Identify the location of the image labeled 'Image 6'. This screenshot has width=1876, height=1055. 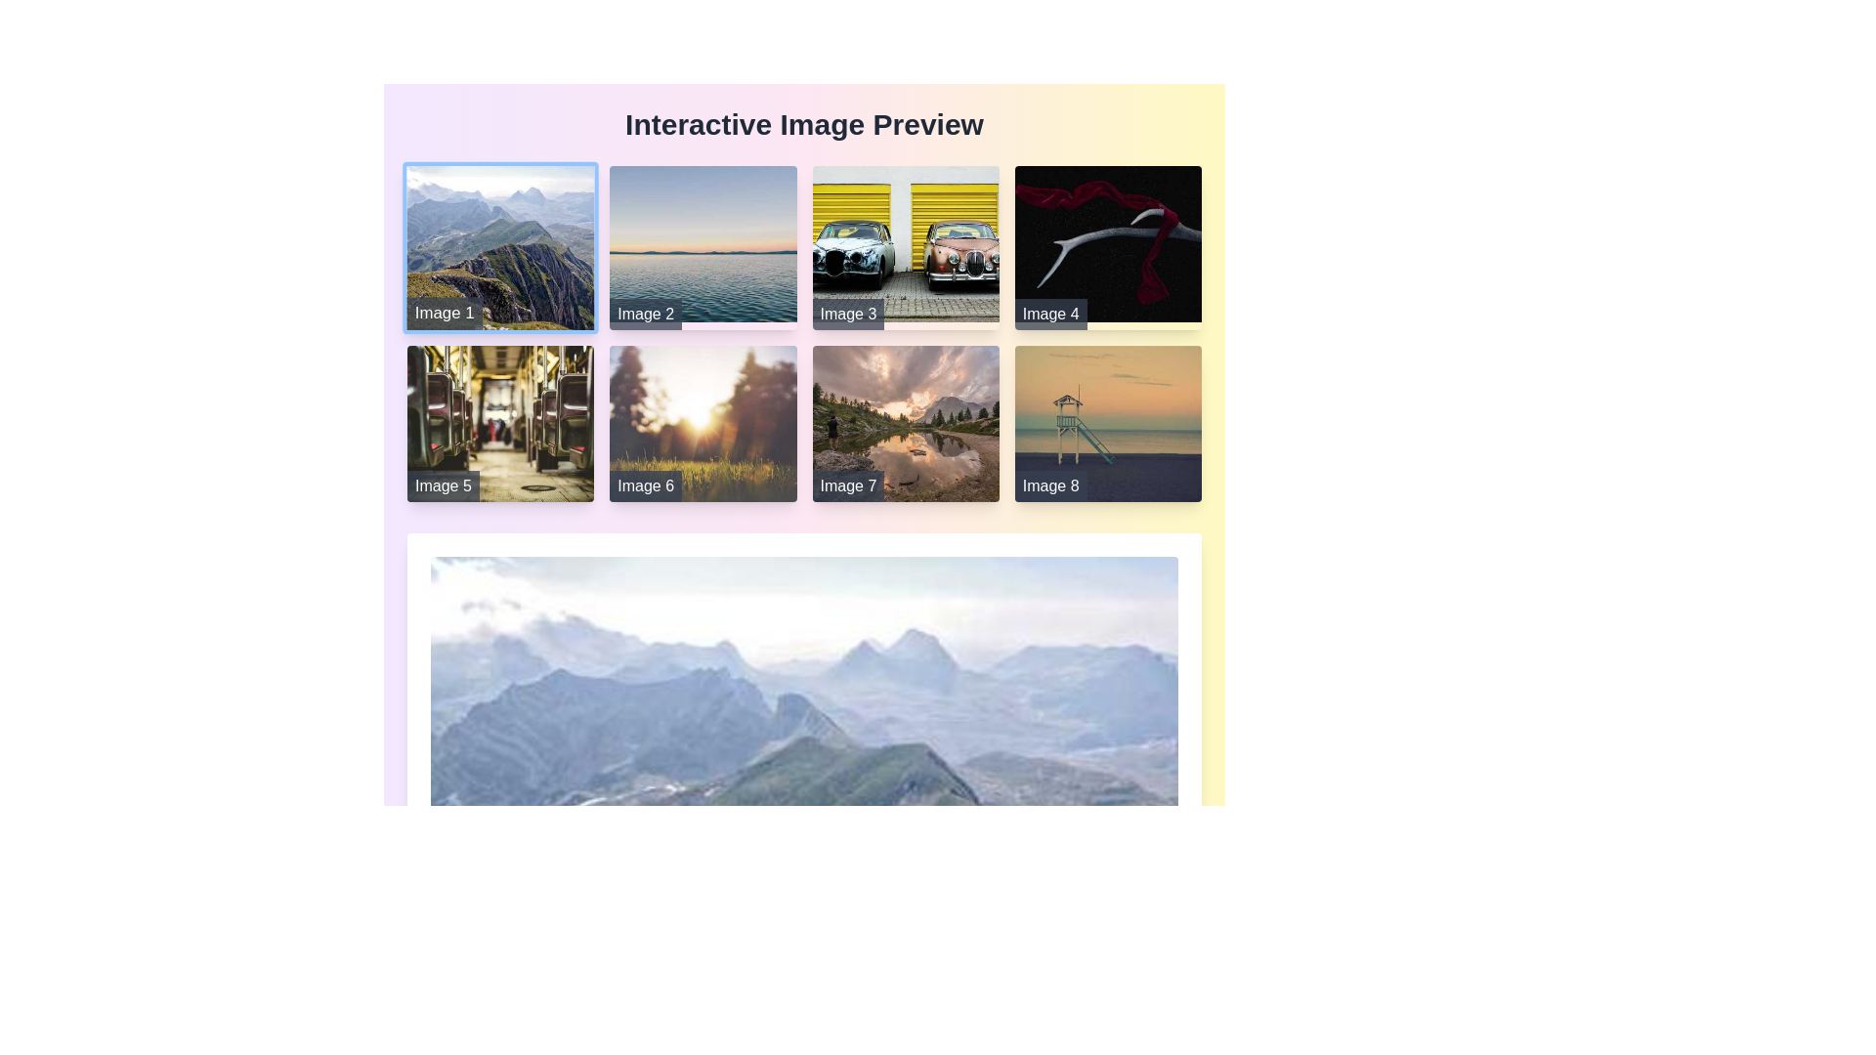
(703, 423).